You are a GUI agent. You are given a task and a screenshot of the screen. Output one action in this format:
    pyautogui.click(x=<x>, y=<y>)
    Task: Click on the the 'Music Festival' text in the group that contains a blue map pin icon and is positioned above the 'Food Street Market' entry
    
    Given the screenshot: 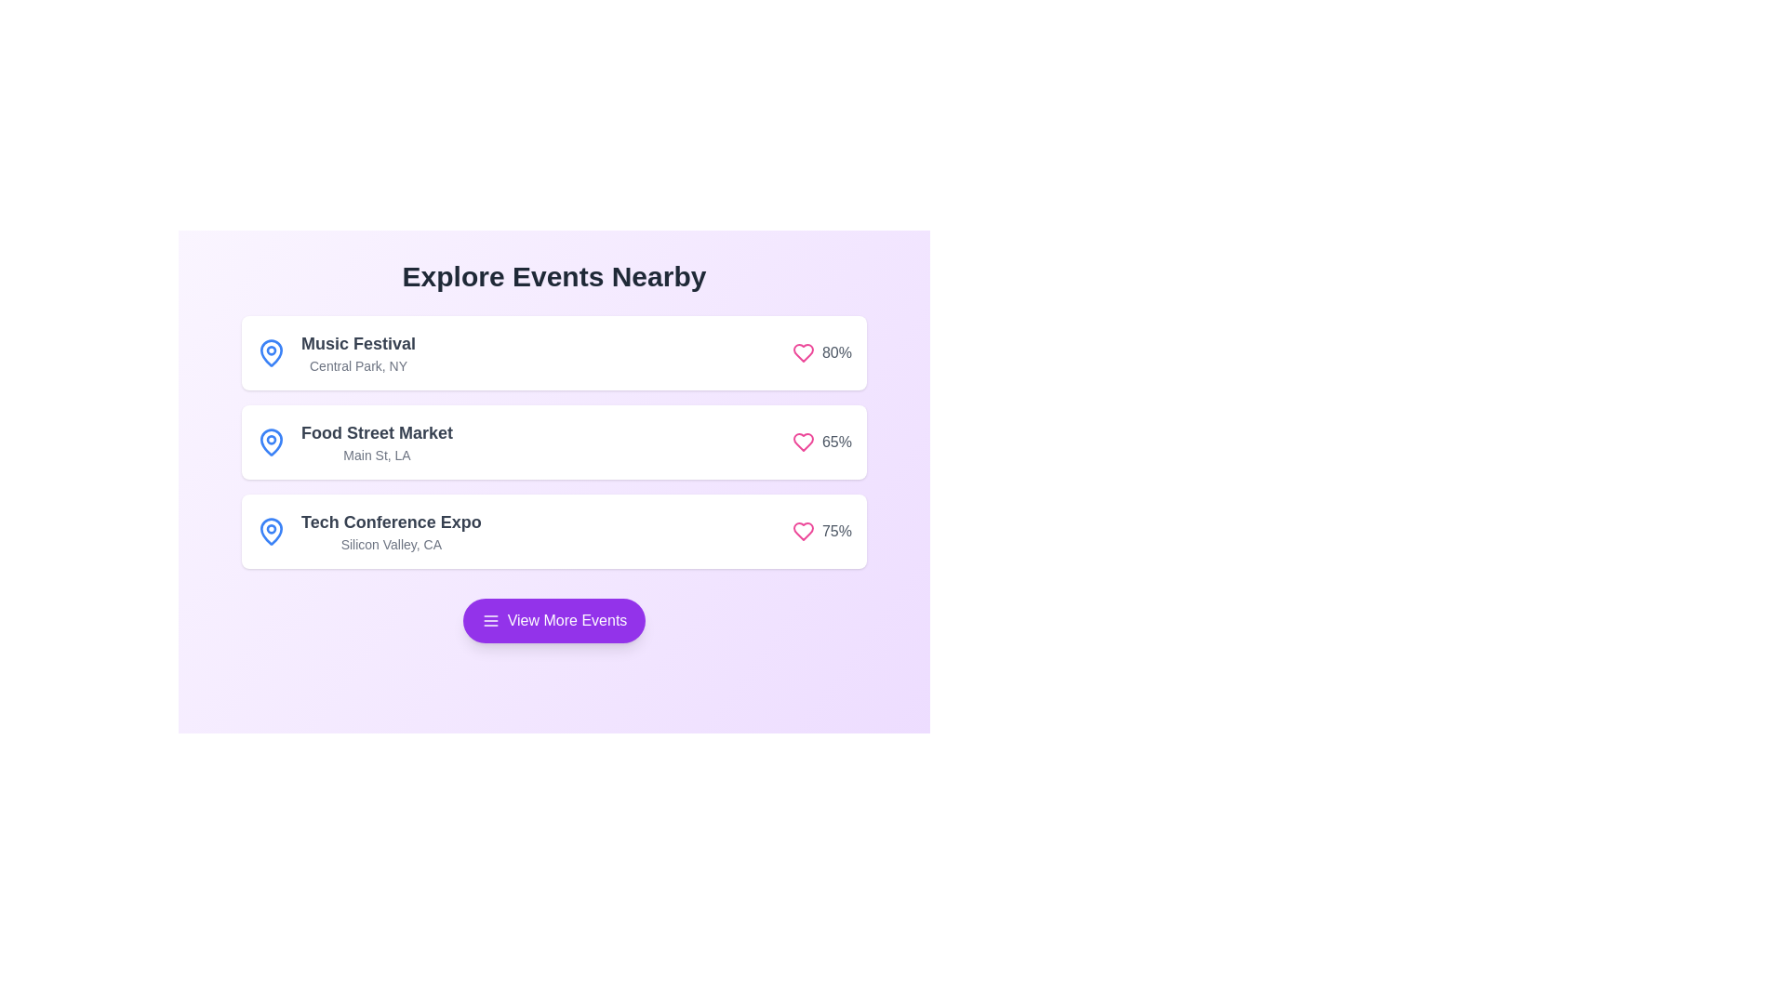 What is the action you would take?
    pyautogui.click(x=336, y=353)
    